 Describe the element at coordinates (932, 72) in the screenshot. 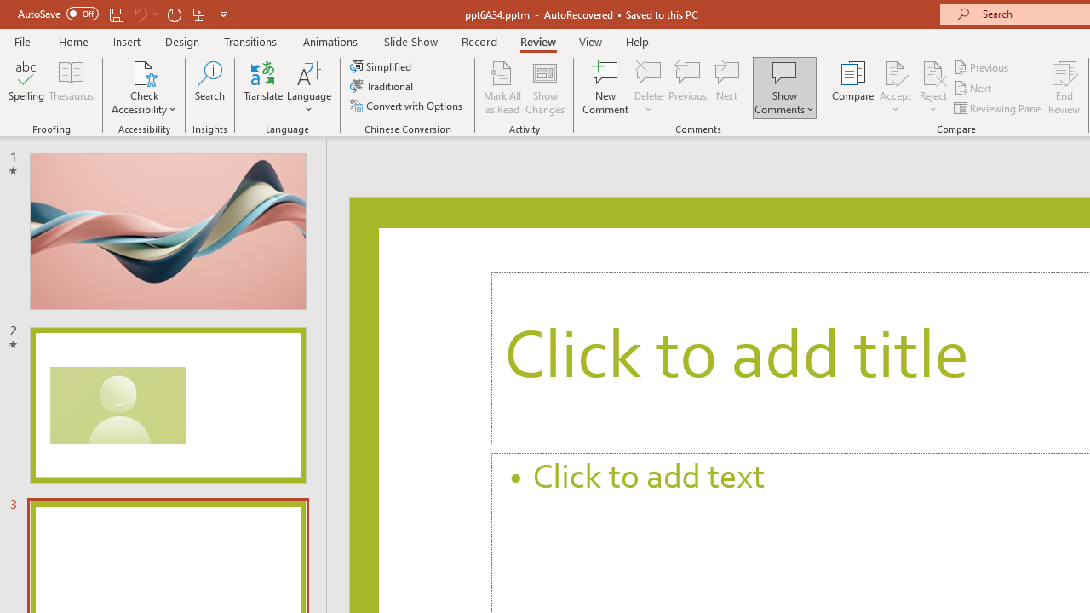

I see `'Reject Change'` at that location.